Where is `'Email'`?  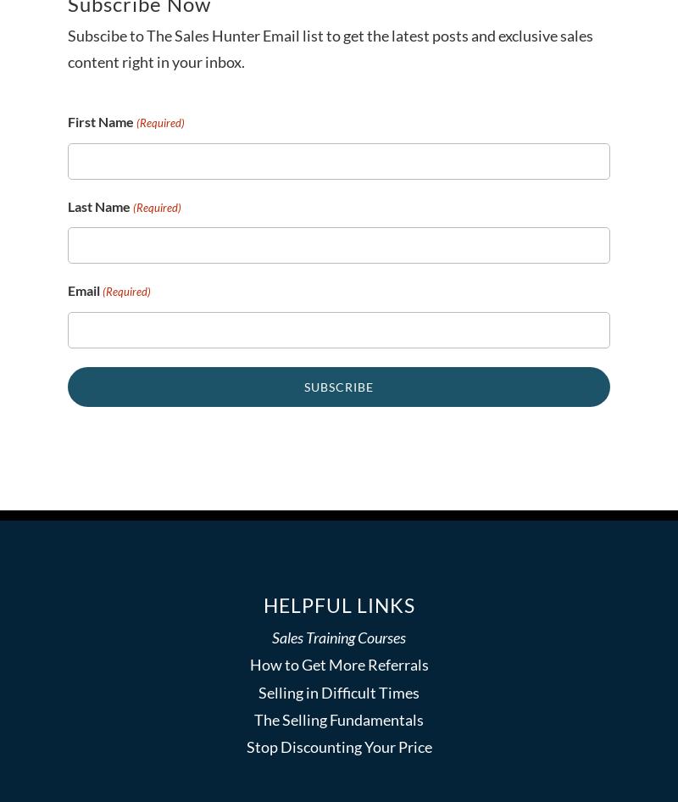
'Email' is located at coordinates (68, 290).